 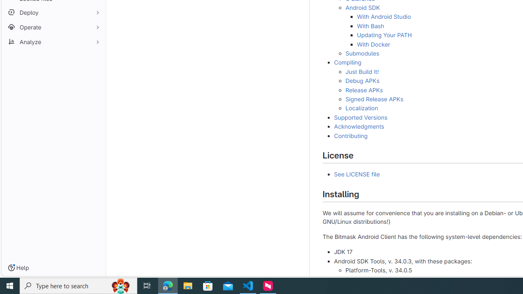 What do you see at coordinates (383, 16) in the screenshot?
I see `'With Android Studio'` at bounding box center [383, 16].